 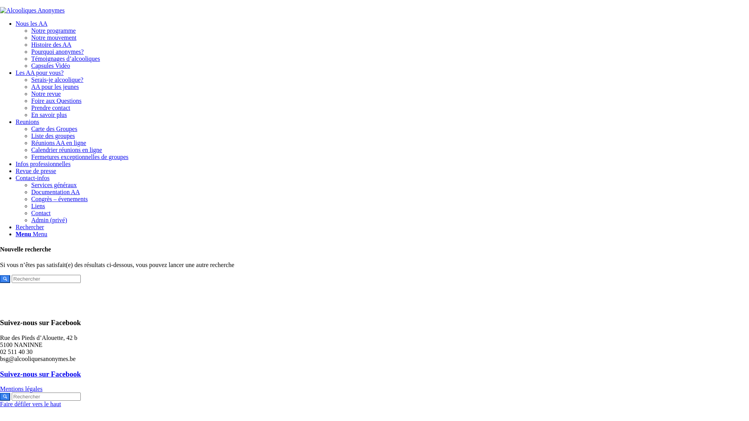 I want to click on 'Liens', so click(x=31, y=205).